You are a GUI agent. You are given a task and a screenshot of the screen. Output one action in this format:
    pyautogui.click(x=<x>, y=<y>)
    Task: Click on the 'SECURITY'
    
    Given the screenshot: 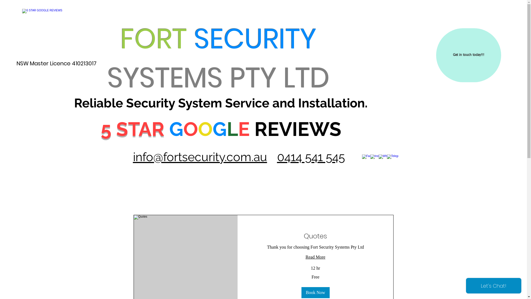 What is the action you would take?
    pyautogui.click(x=255, y=38)
    